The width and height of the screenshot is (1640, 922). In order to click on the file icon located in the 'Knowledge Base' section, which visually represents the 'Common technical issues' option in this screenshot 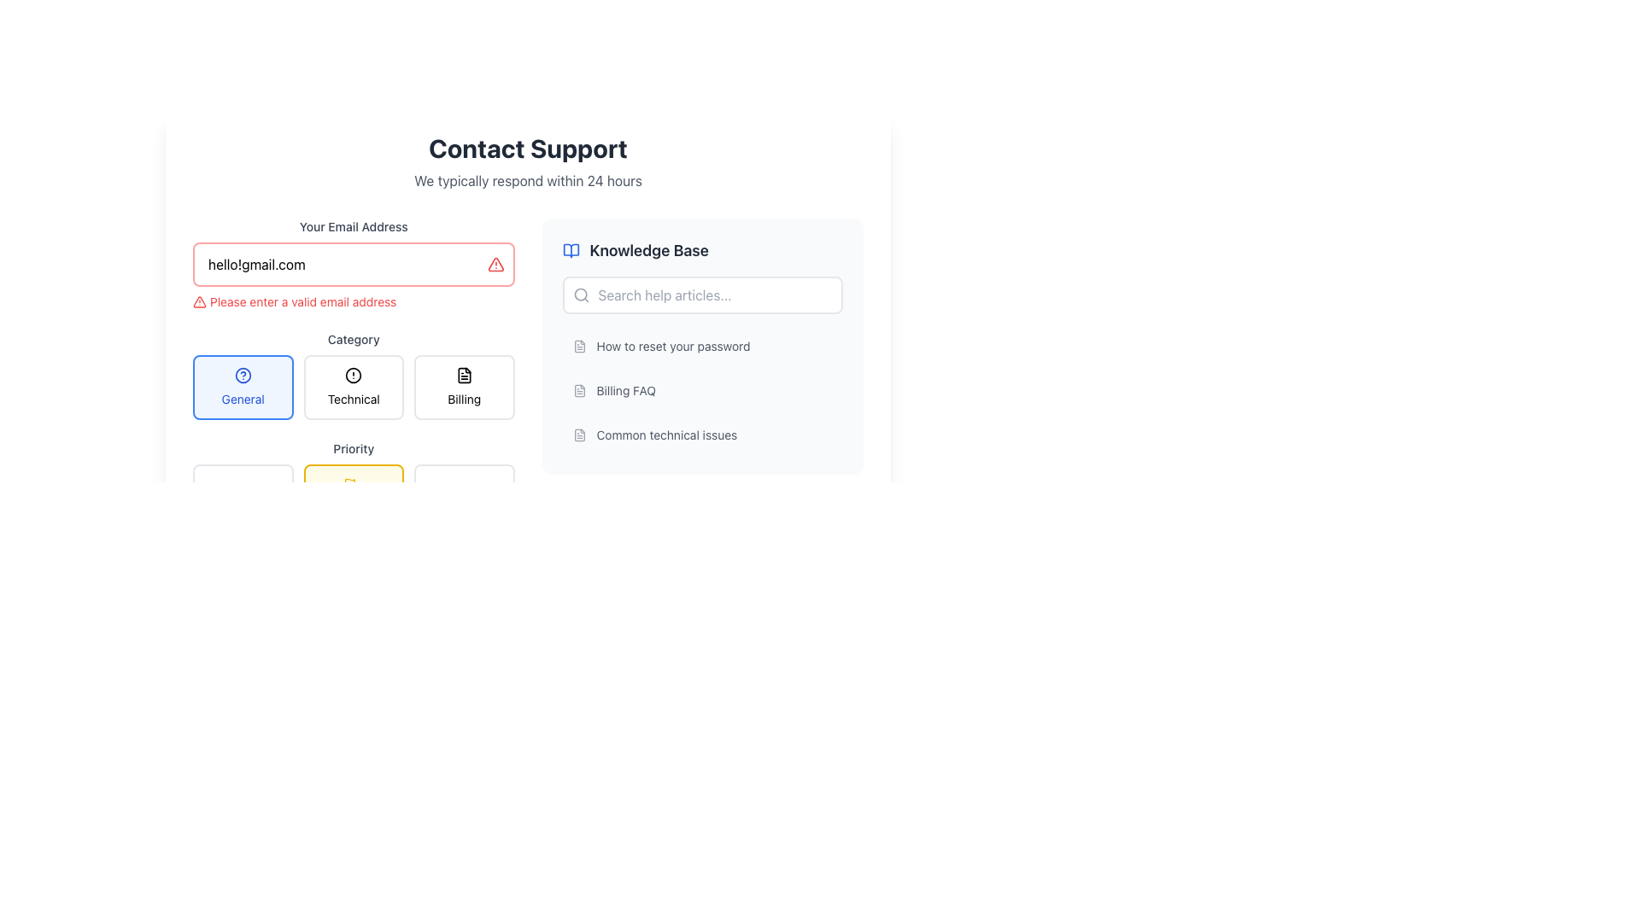, I will do `click(579, 434)`.